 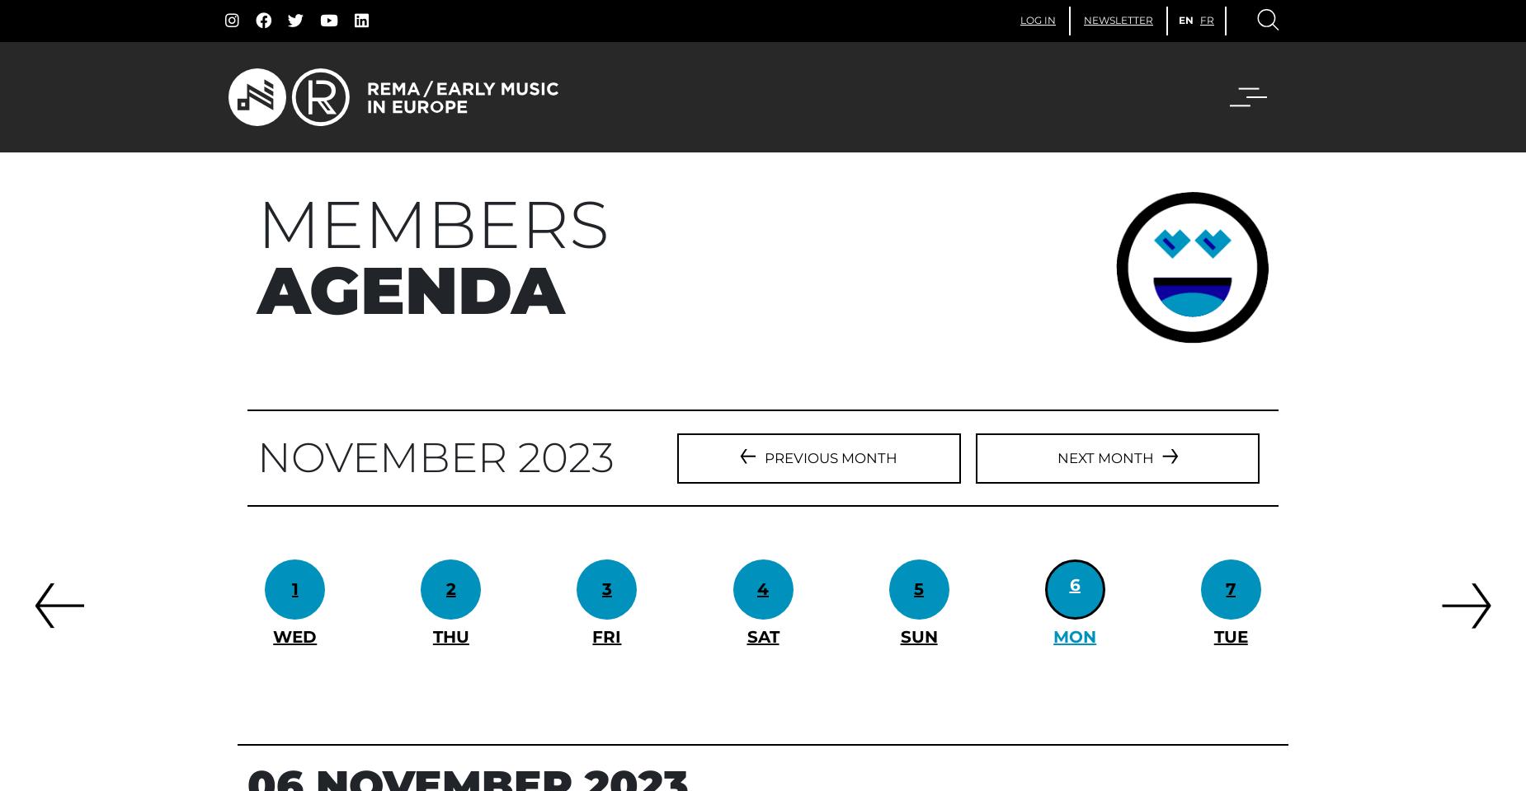 I want to click on 'France', so click(x=722, y=221).